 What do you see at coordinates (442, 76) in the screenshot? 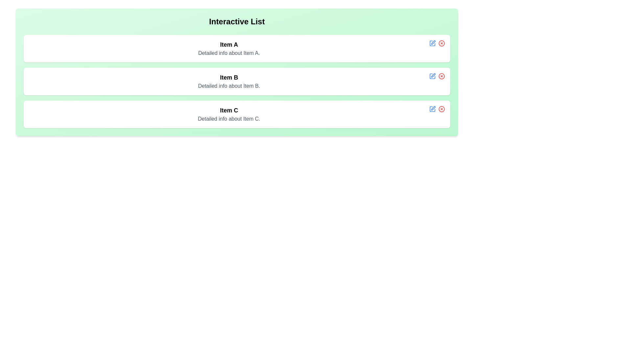
I see `the delete button located to the right of 'Item B'` at bounding box center [442, 76].